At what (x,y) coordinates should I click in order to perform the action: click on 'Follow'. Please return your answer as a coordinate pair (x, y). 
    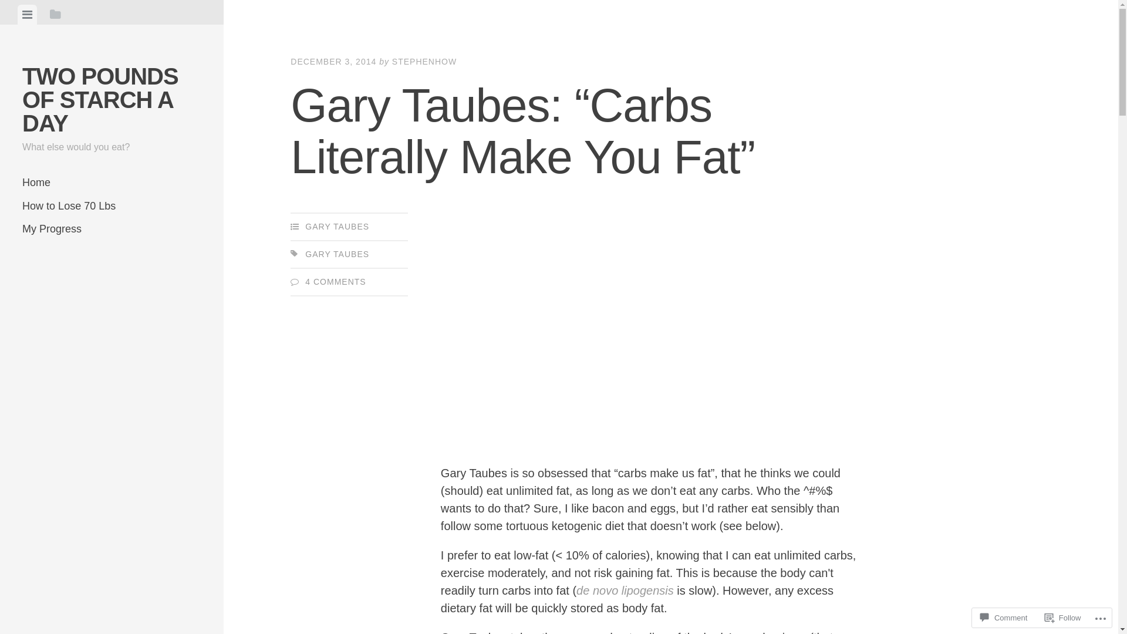
    Looking at the image, I should click on (1062, 617).